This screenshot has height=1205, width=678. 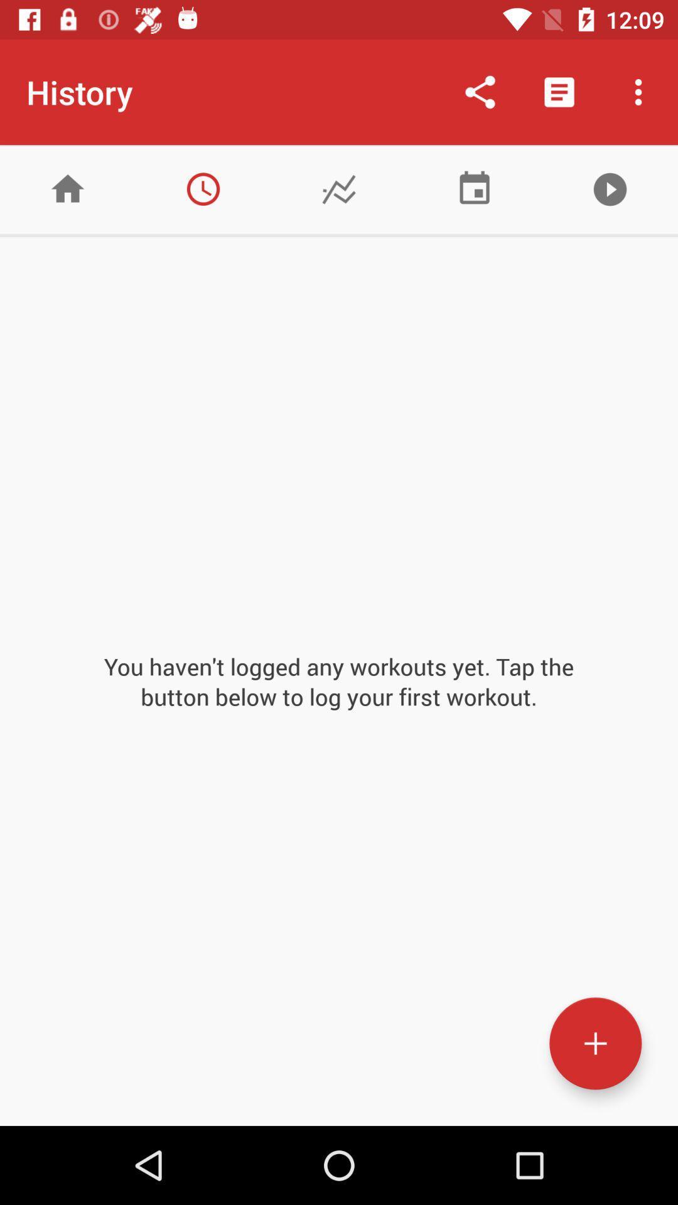 What do you see at coordinates (480, 92) in the screenshot?
I see `the item next to the history icon` at bounding box center [480, 92].